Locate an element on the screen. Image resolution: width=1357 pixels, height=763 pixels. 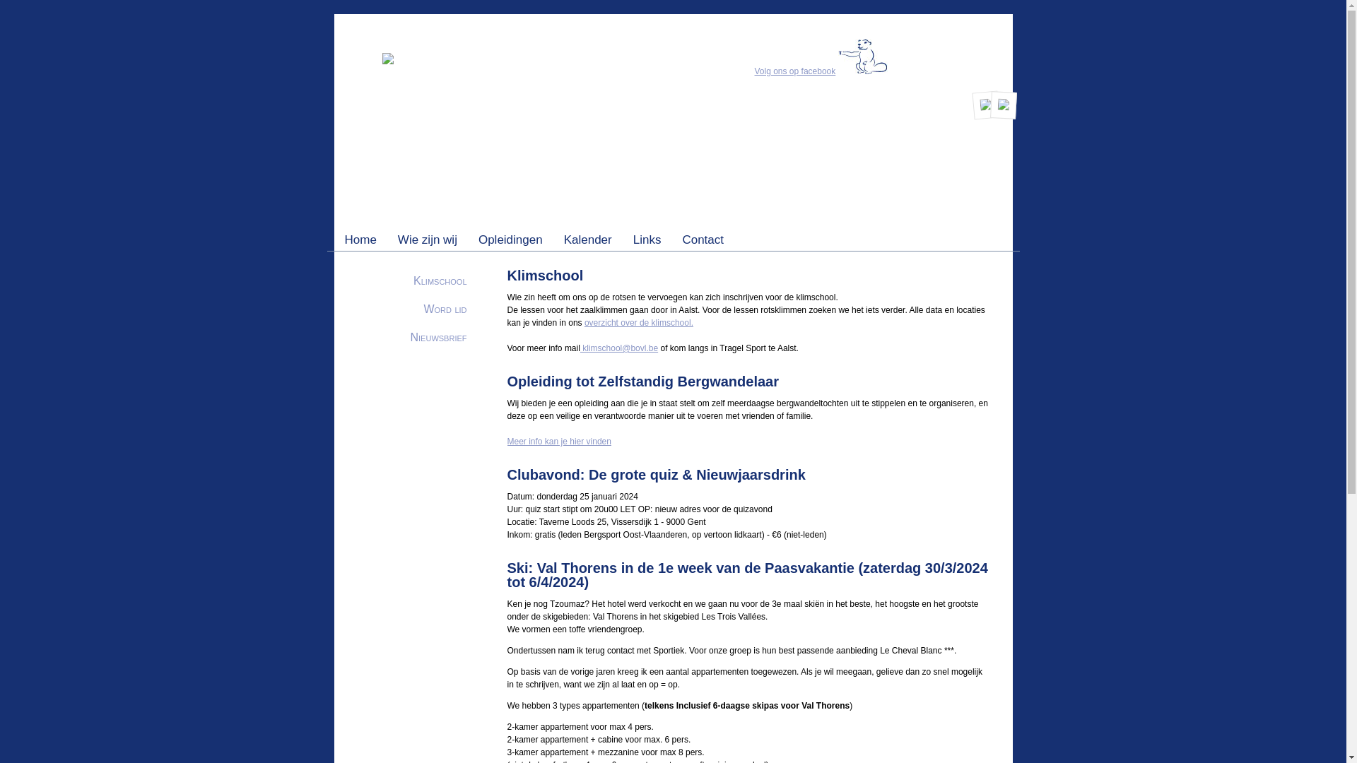
'Wie zijn wij' is located at coordinates (426, 239).